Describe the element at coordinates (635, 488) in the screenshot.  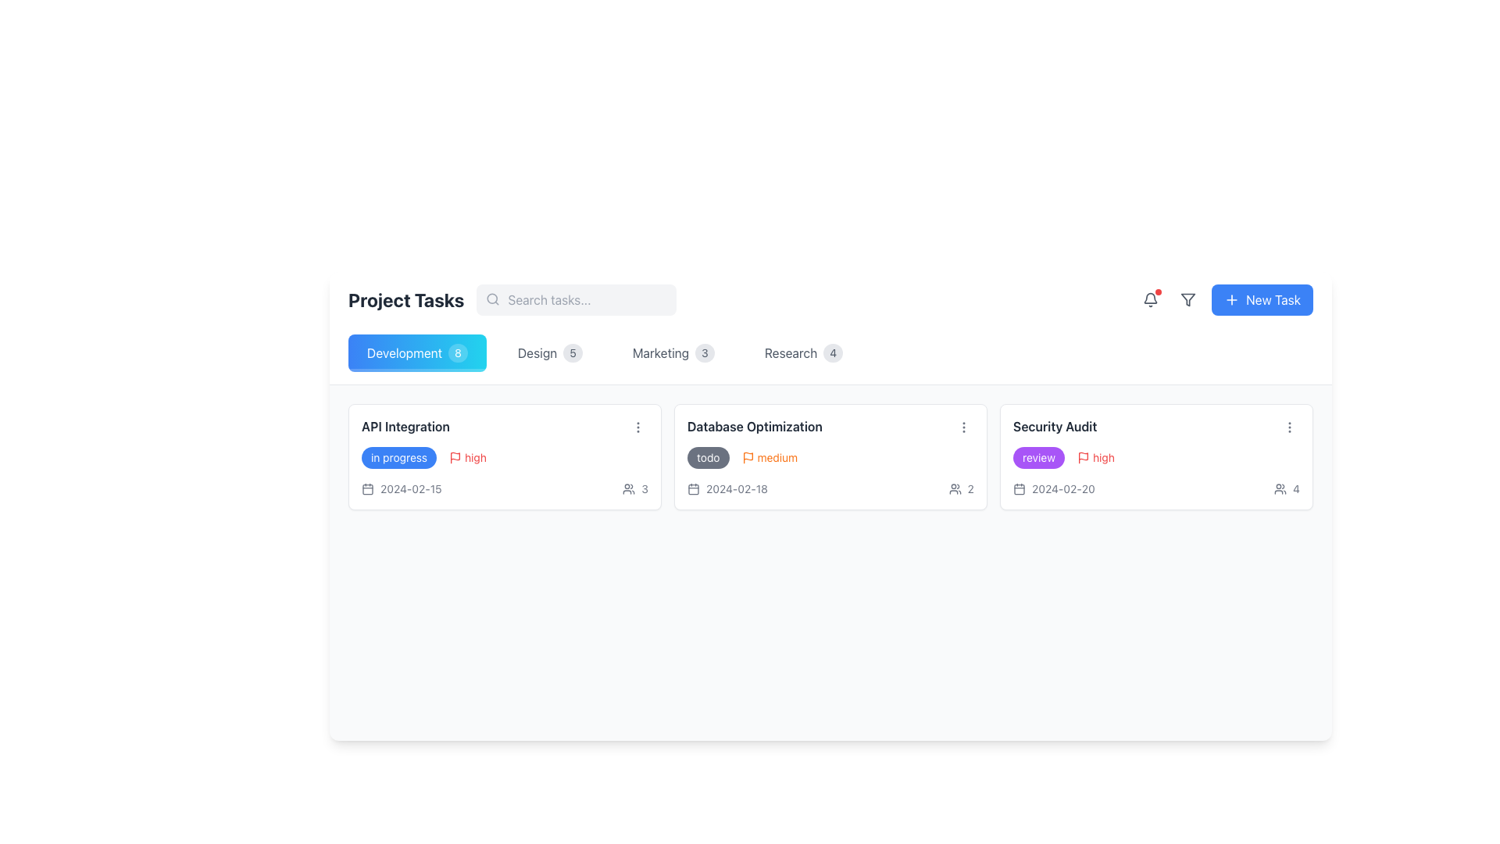
I see `the icon representing the number of users or participants in the 'API Integration' card located in the 'Development' section` at that location.